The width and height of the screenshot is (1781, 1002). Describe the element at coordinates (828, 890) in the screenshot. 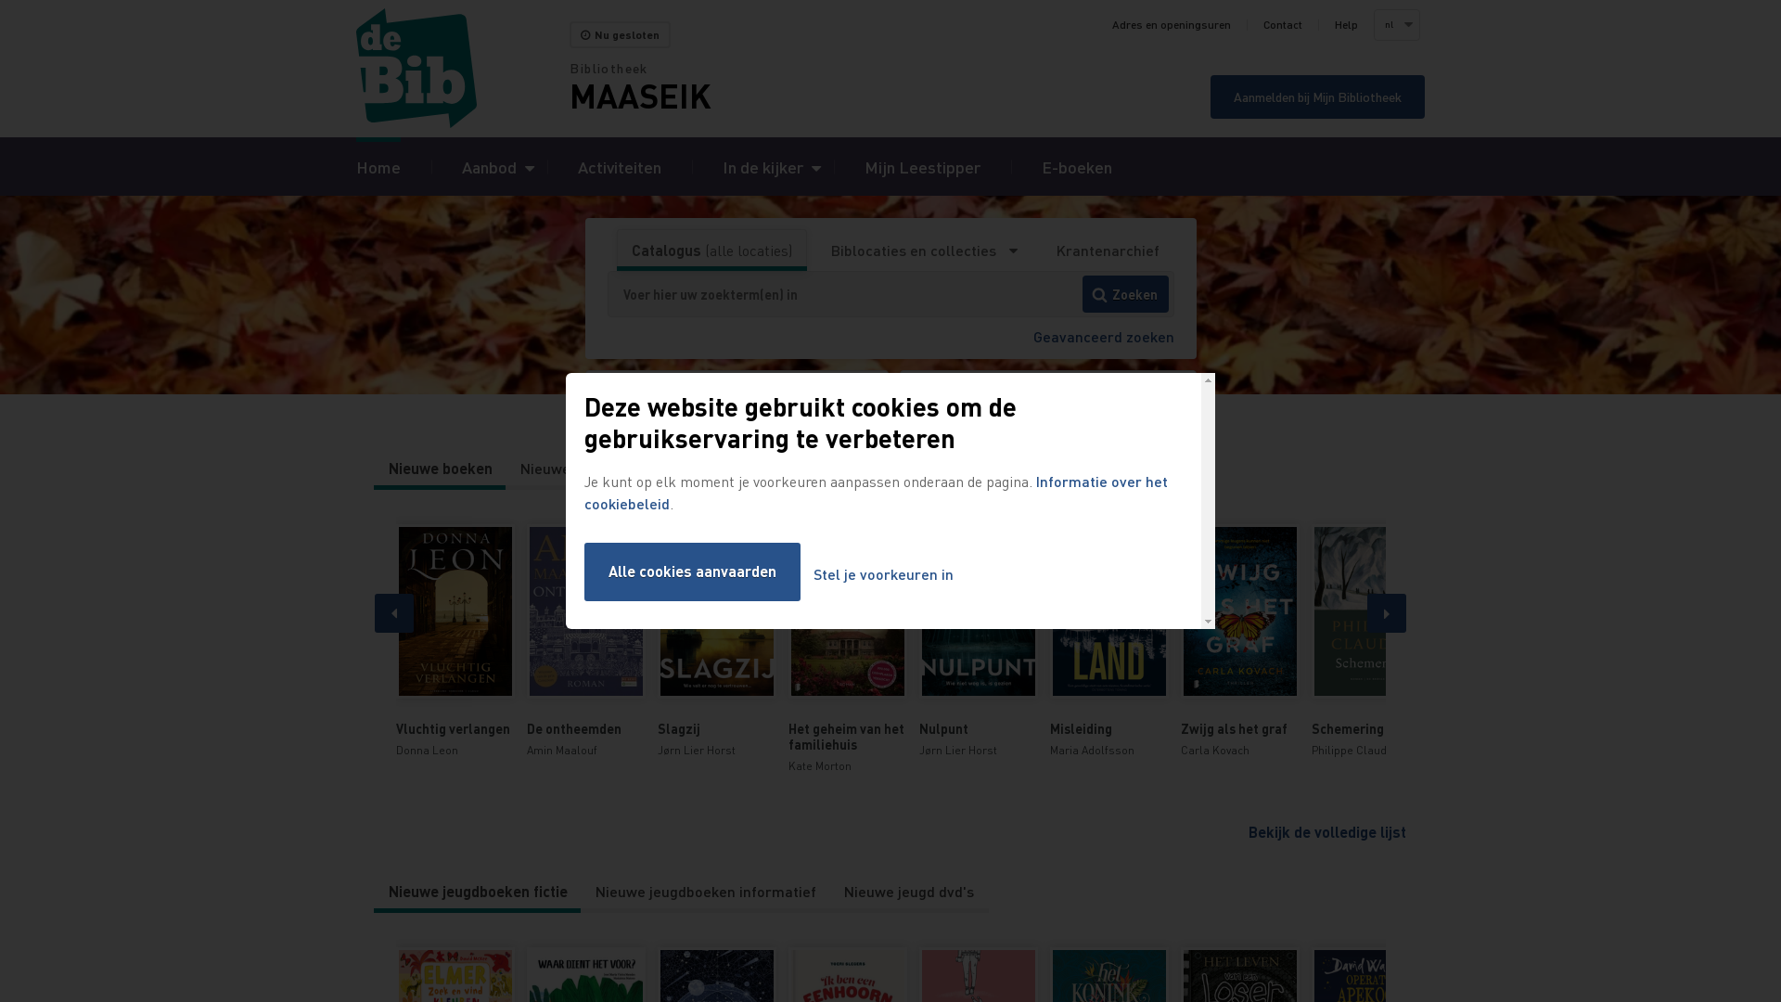

I see `'Nieuwe jeugd dvd's'` at that location.